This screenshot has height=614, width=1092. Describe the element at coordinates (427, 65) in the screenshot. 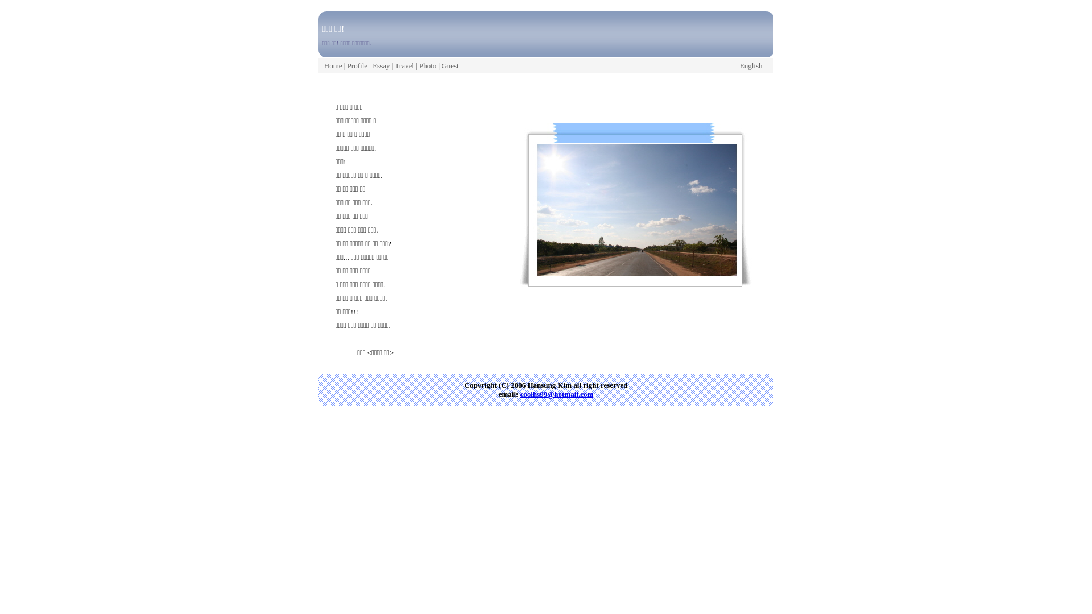

I see `'Photo'` at that location.